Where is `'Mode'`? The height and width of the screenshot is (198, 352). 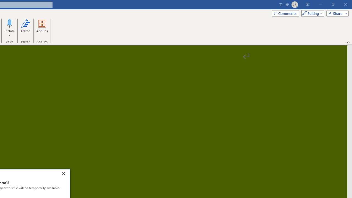
'Mode' is located at coordinates (312, 13).